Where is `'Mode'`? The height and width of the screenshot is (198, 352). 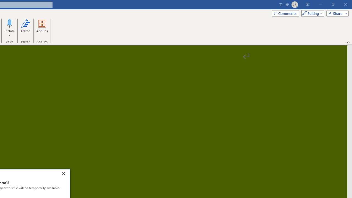
'Mode' is located at coordinates (312, 13).